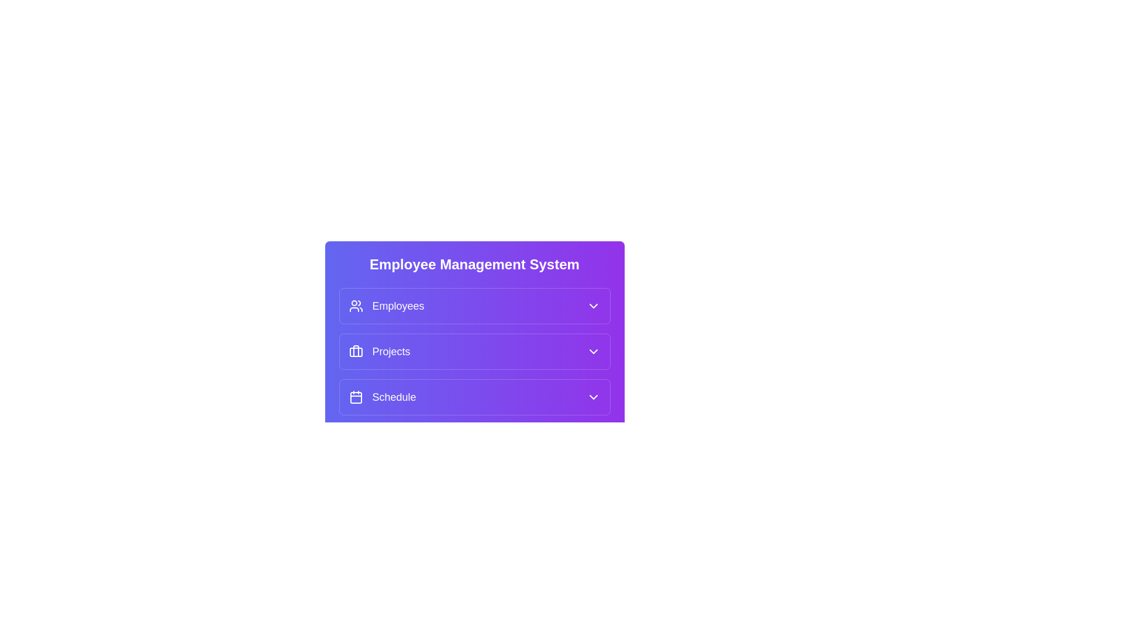  What do you see at coordinates (398, 306) in the screenshot?
I see `'Employees' text label, which is styled with medium font weight and larger font size, positioned in the first position of a vertically stacked menu next to a user-group icon` at bounding box center [398, 306].